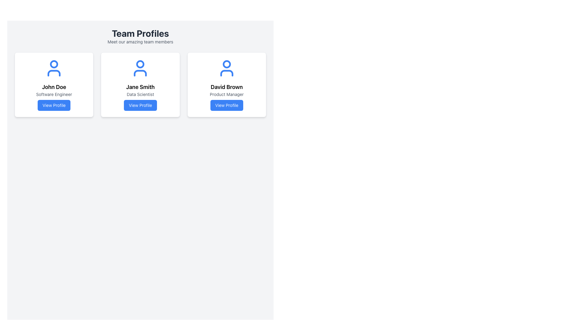 The height and width of the screenshot is (328, 583). I want to click on the Text Label element reading 'Meet our amazing team members', which is styled in gray and positioned directly beneath the title 'Team Profiles', so click(140, 42).